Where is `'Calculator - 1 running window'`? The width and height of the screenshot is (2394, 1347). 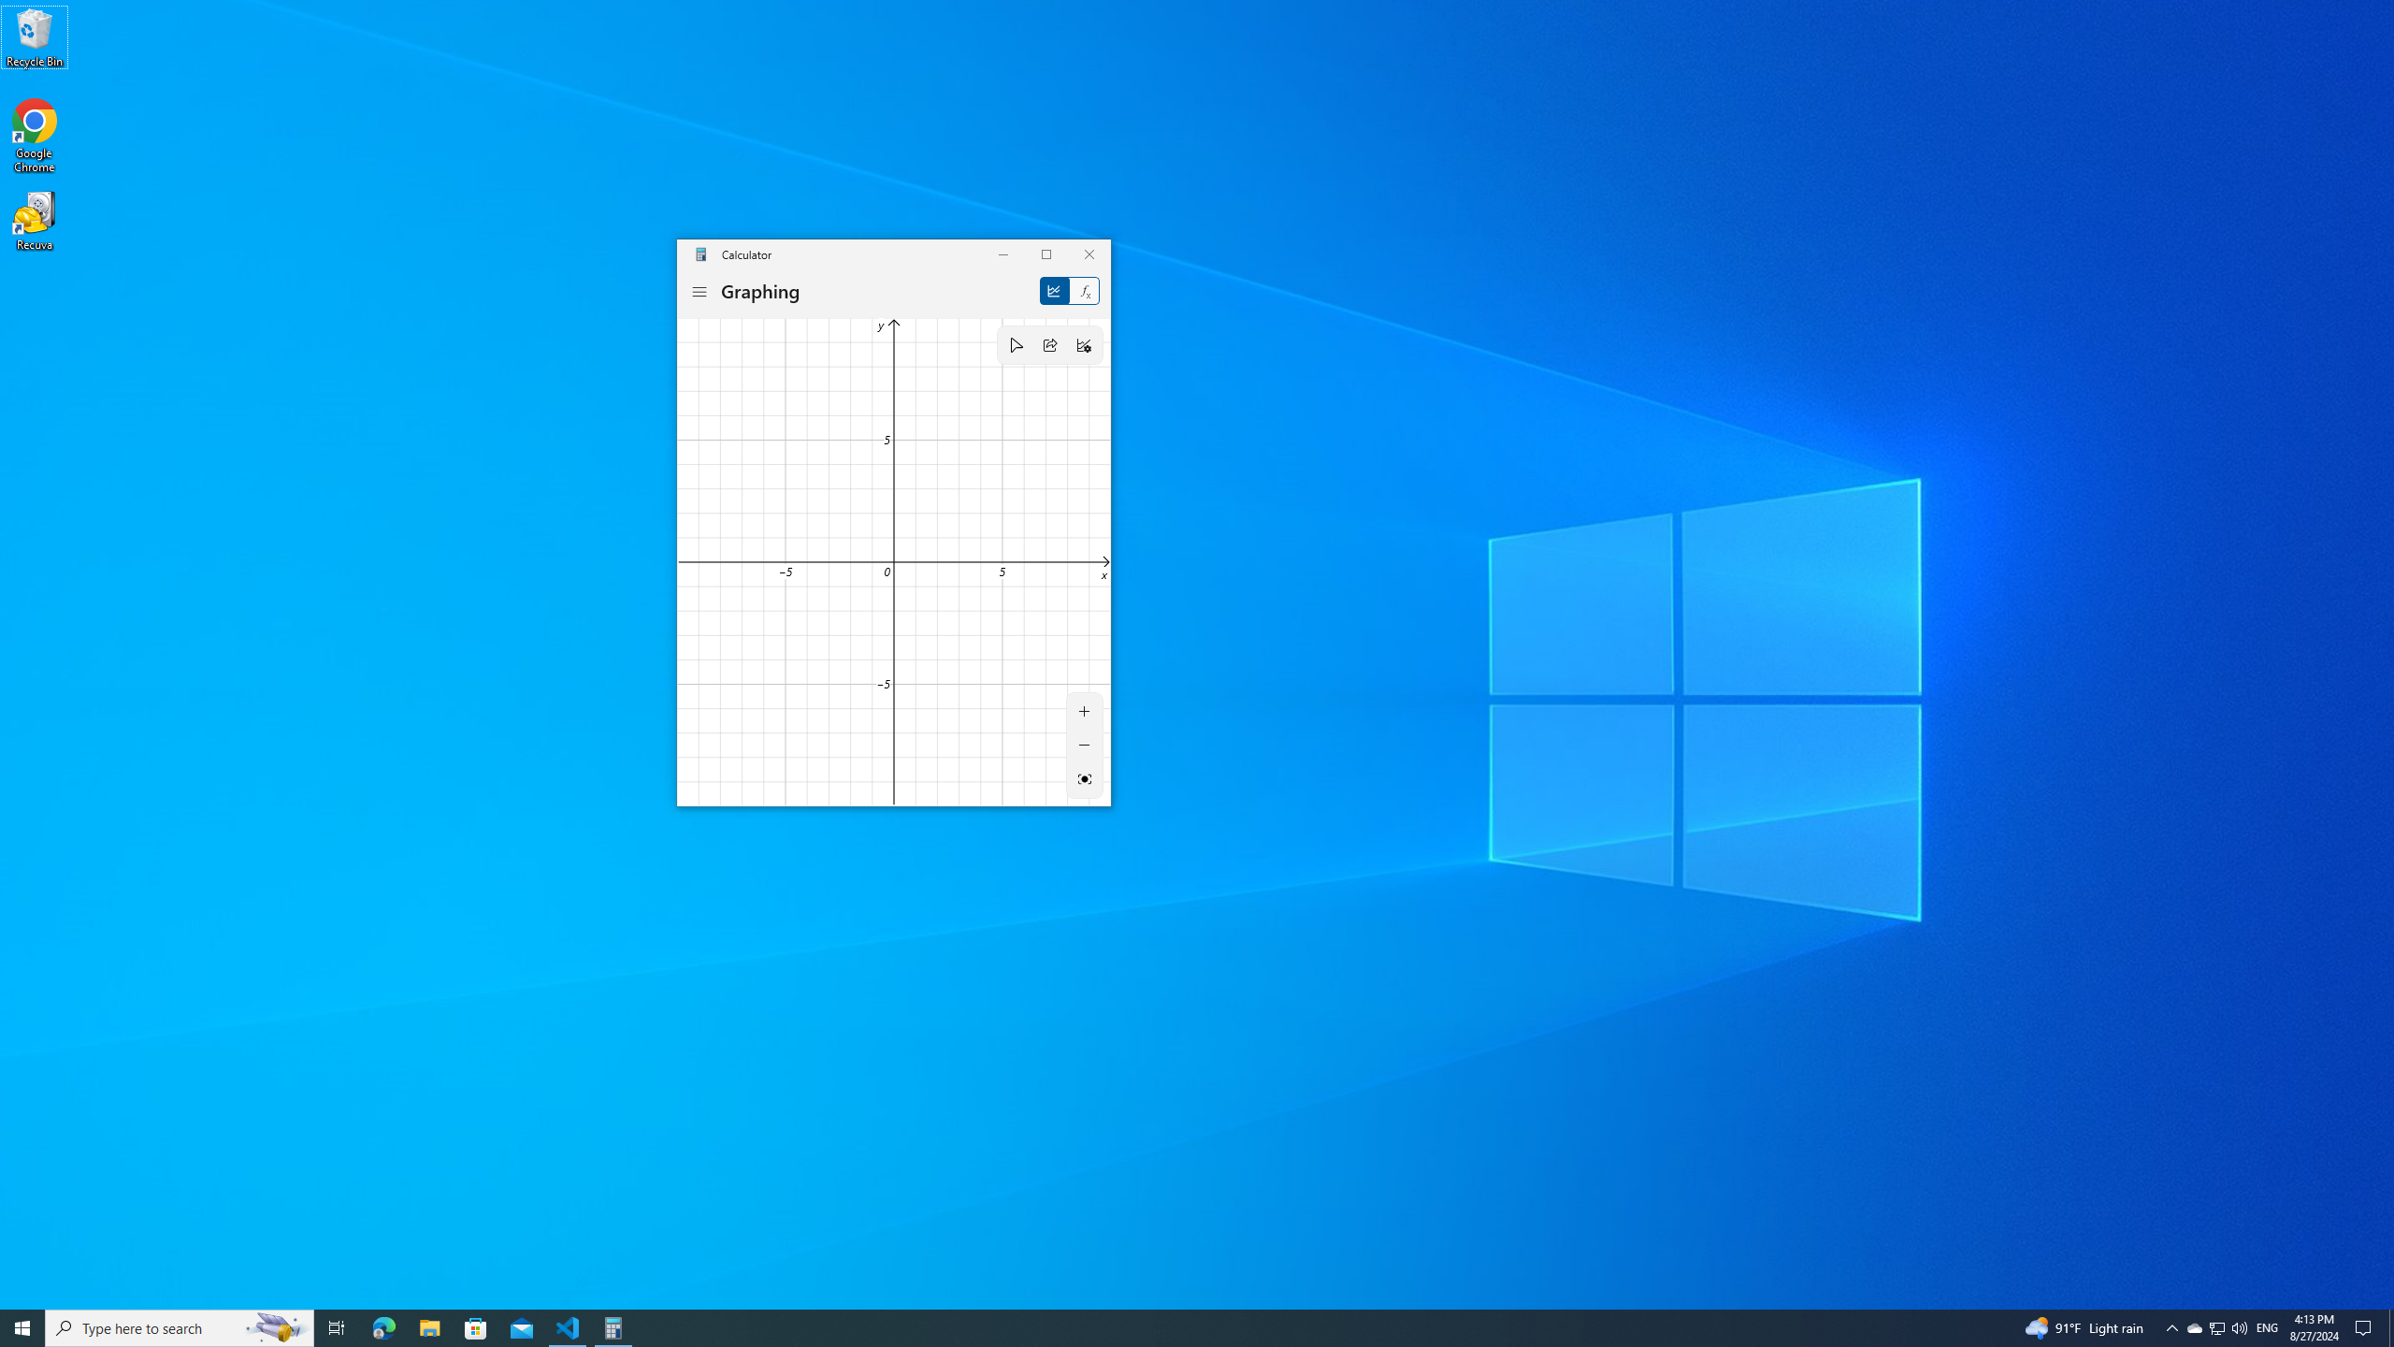
'Calculator - 1 running window' is located at coordinates (613, 1326).